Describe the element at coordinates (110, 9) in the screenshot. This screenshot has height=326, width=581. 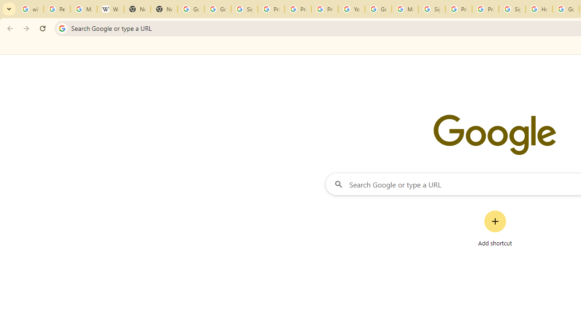
I see `'Wikipedia:Edit requests - Wikipedia'` at that location.